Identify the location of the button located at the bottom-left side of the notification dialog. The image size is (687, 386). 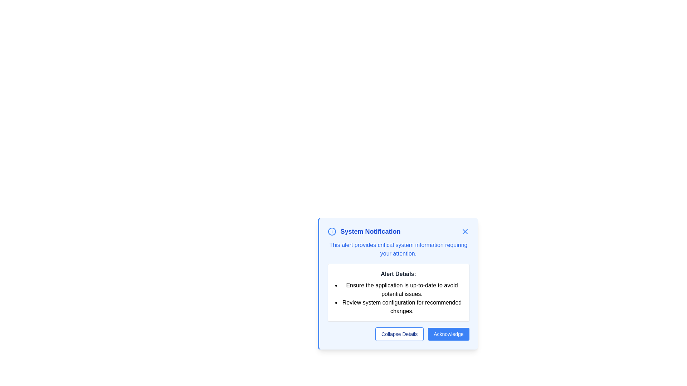
(399, 334).